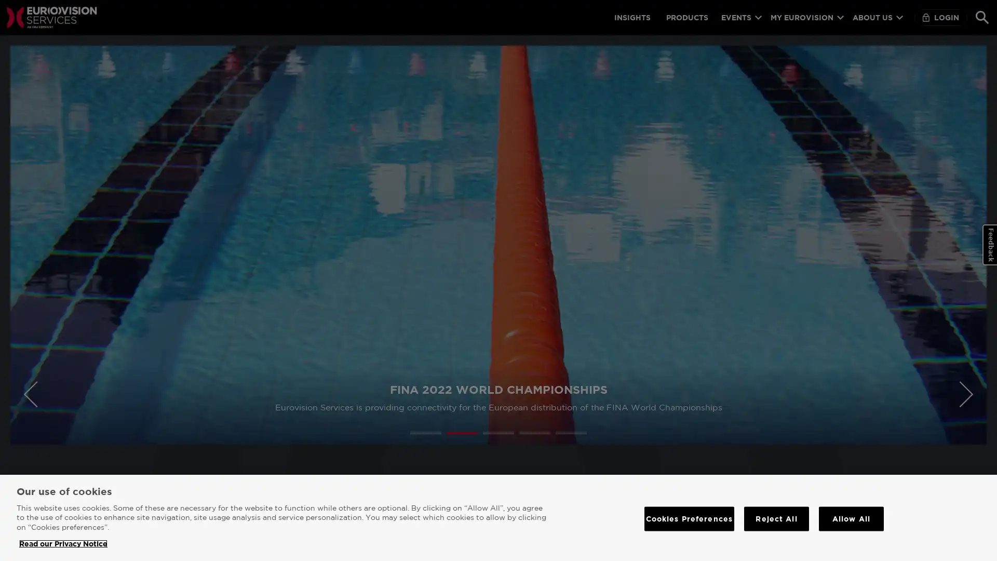  Describe the element at coordinates (461, 433) in the screenshot. I see `Carousel Page 2` at that location.